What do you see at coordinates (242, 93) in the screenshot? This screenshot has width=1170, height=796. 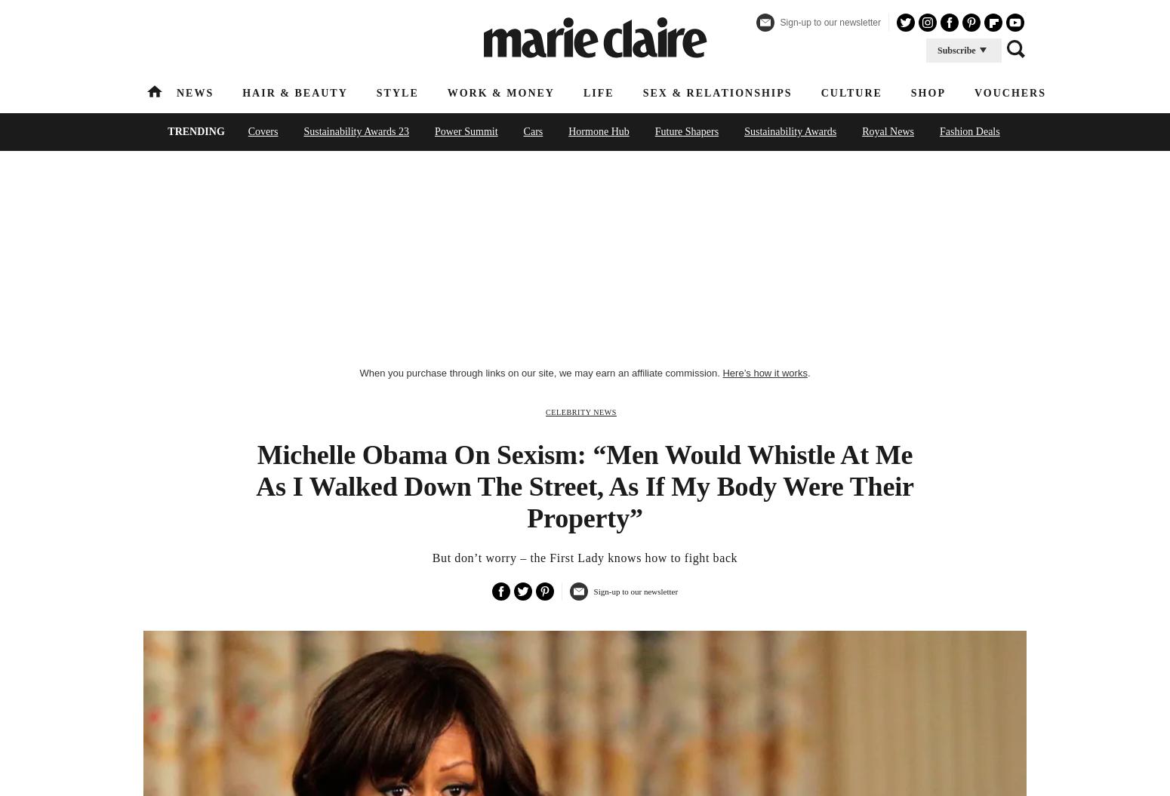 I see `'Hair & Beauty'` at bounding box center [242, 93].